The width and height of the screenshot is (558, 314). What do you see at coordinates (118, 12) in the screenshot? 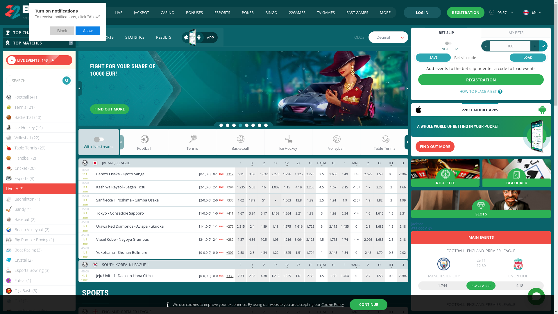
I see `'LIVE'` at bounding box center [118, 12].